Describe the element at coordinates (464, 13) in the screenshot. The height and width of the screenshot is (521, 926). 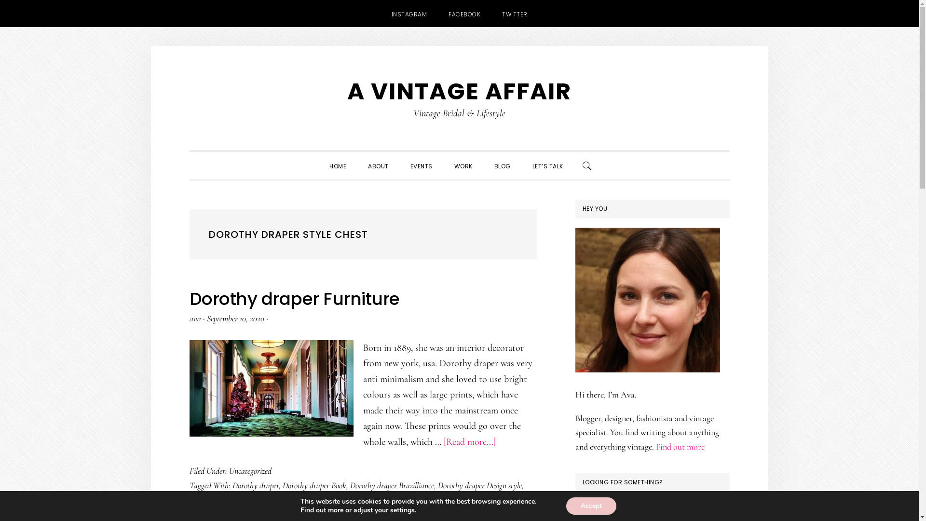
I see `'FACEBOOK'` at that location.